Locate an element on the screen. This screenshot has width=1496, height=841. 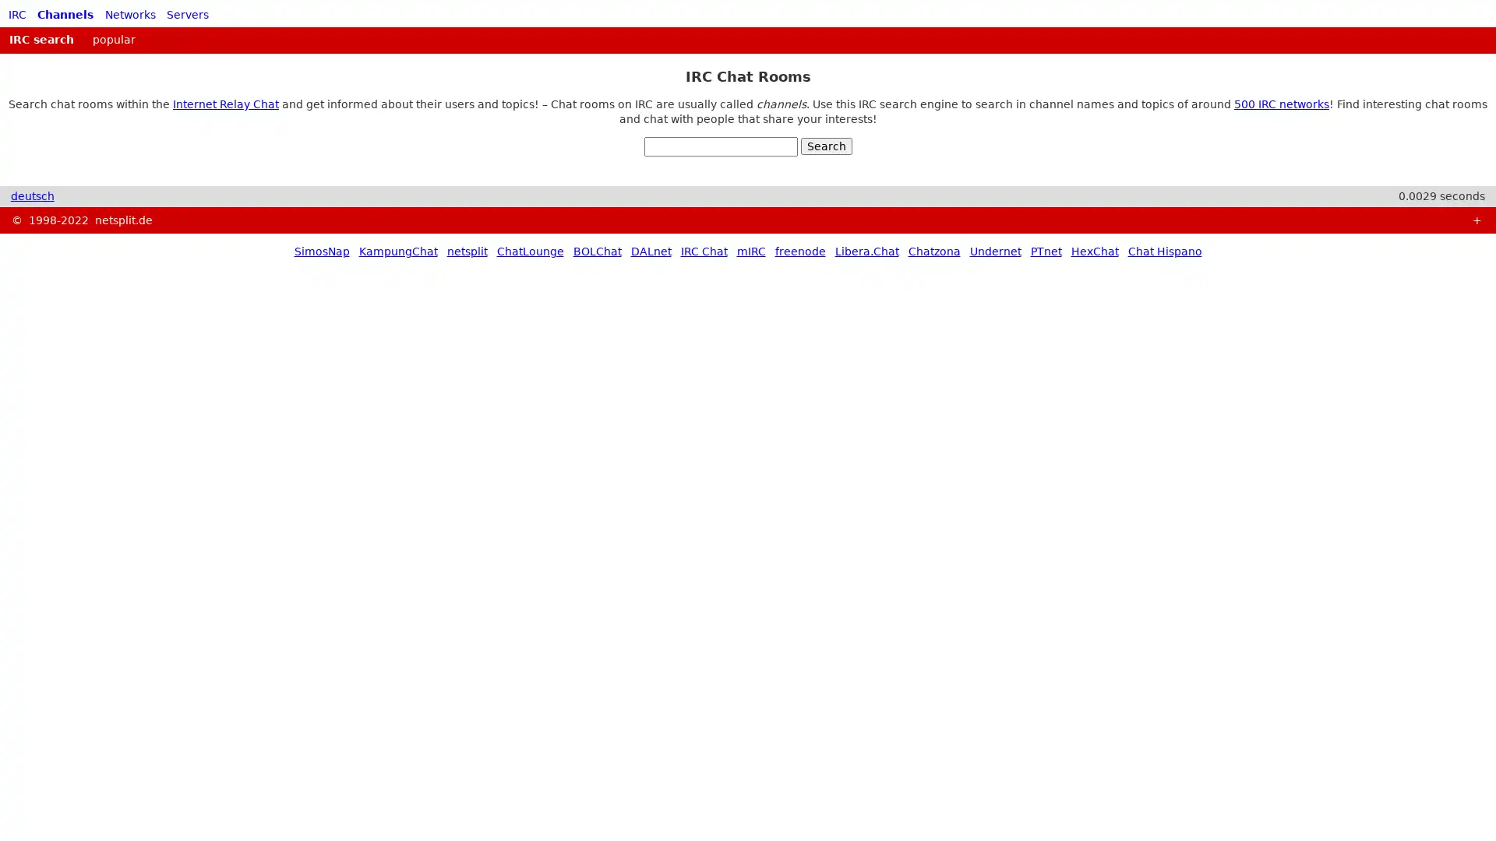
Search is located at coordinates (825, 146).